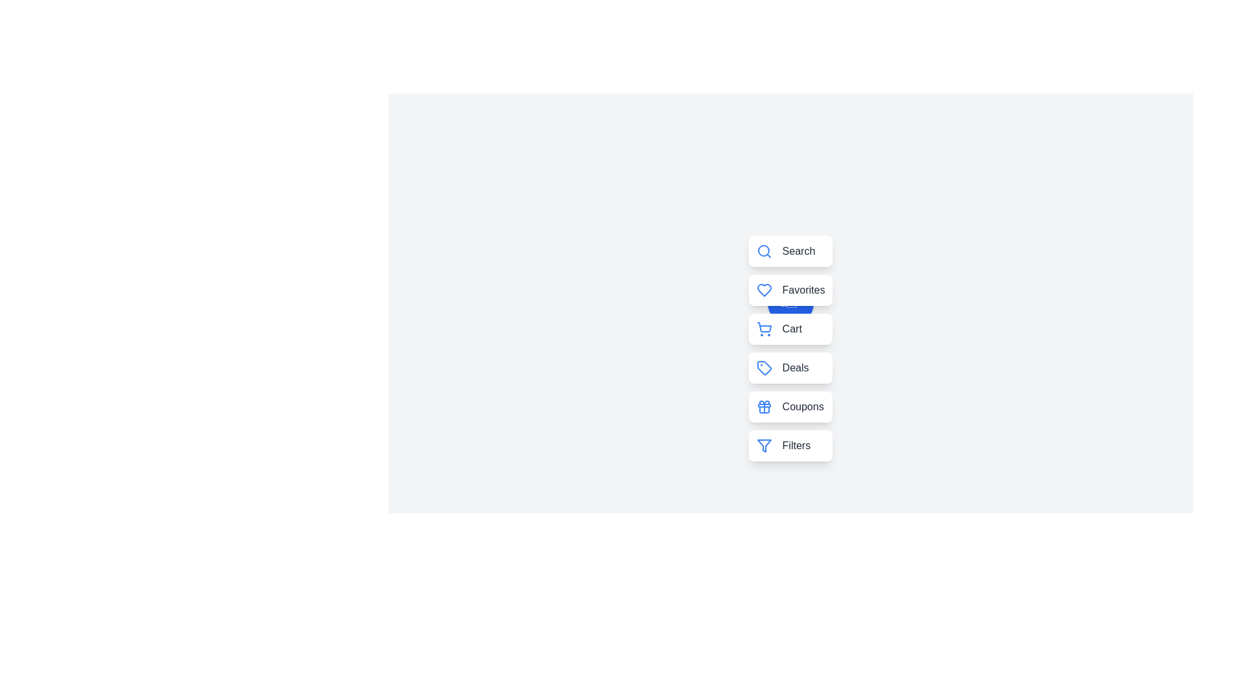 The height and width of the screenshot is (700, 1245). I want to click on the 'Favorites' text label, so click(803, 289).